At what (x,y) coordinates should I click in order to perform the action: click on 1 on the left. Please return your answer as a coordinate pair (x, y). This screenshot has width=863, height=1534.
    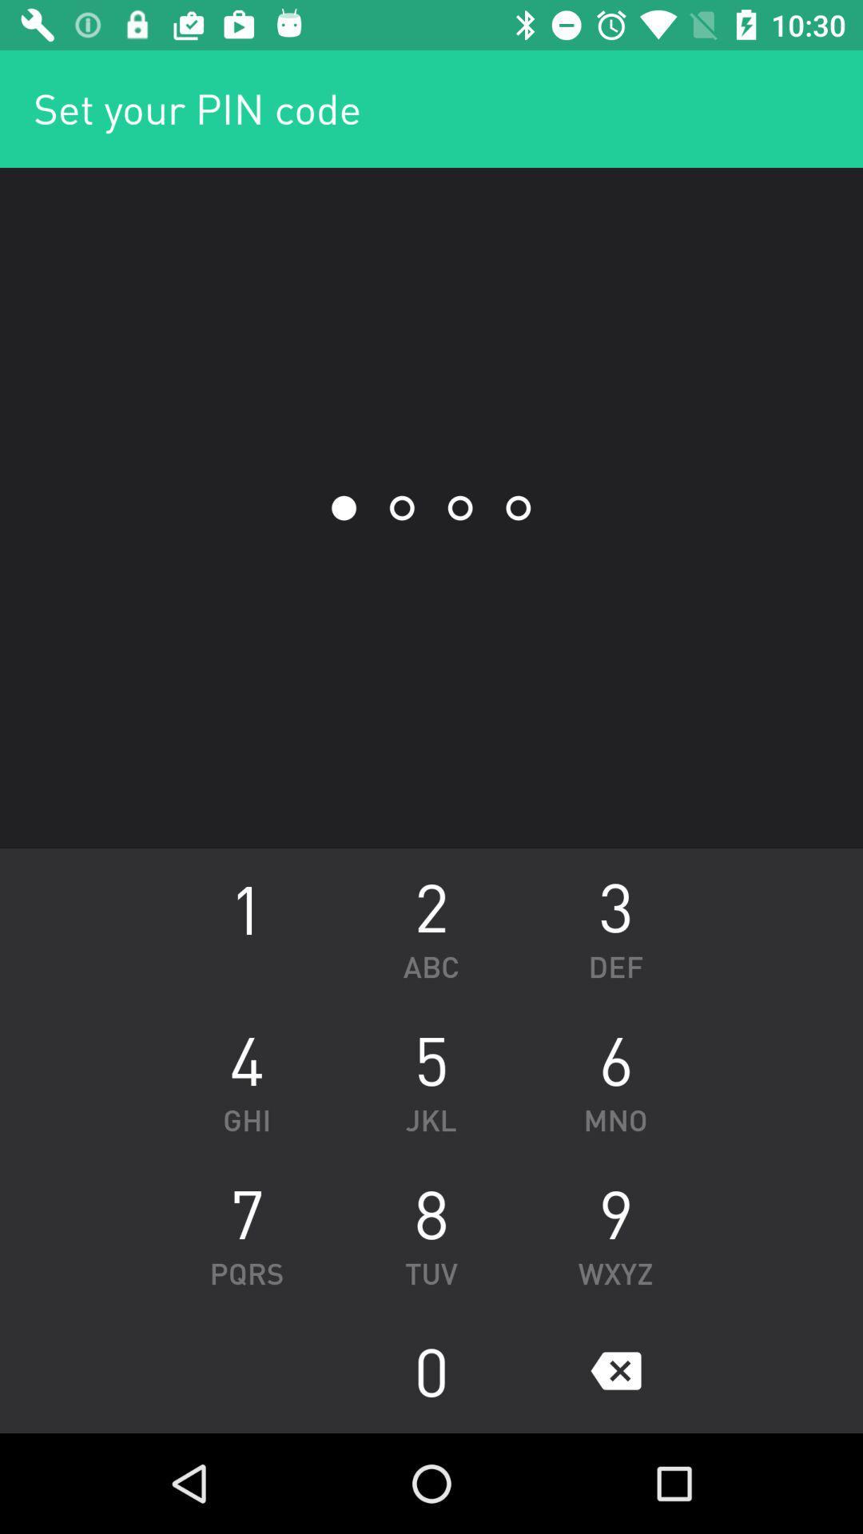
    Looking at the image, I should click on (246, 924).